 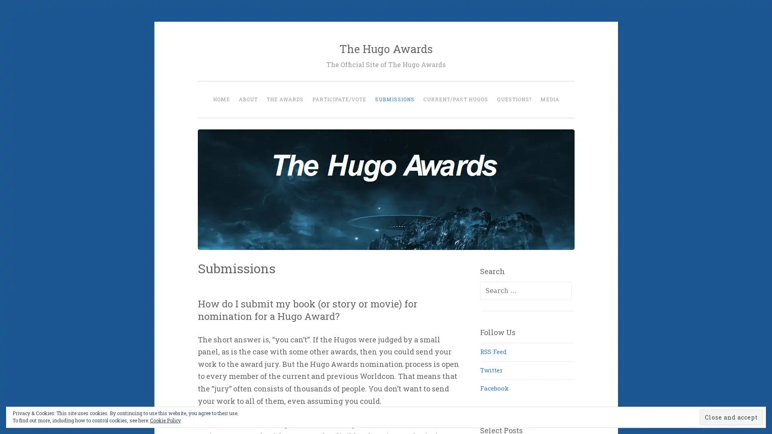 What do you see at coordinates (731, 417) in the screenshot?
I see `Close and accept` at bounding box center [731, 417].